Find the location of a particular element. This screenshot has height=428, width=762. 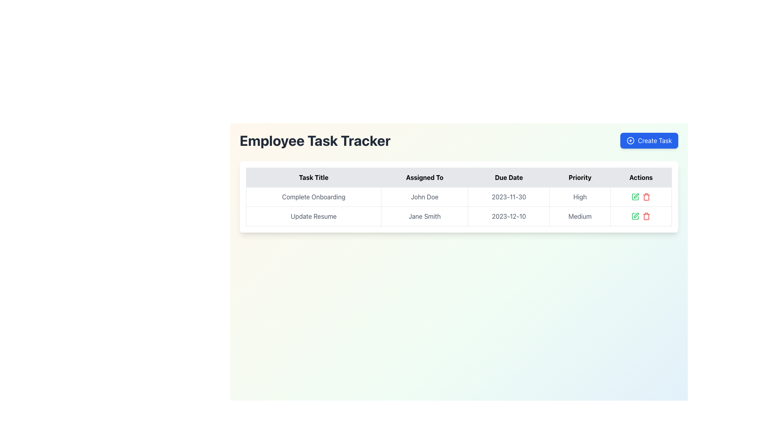

the Text Label column header that indicates due dates, which is the third item in the header row of the table, located between 'Assigned To' and 'Priority' is located at coordinates (509, 177).